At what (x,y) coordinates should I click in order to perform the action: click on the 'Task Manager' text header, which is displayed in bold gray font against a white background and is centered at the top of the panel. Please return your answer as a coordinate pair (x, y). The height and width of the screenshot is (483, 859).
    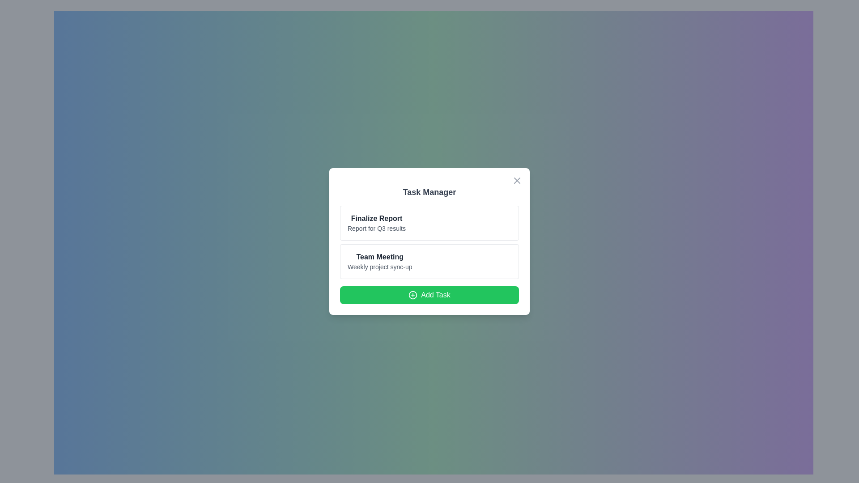
    Looking at the image, I should click on (429, 191).